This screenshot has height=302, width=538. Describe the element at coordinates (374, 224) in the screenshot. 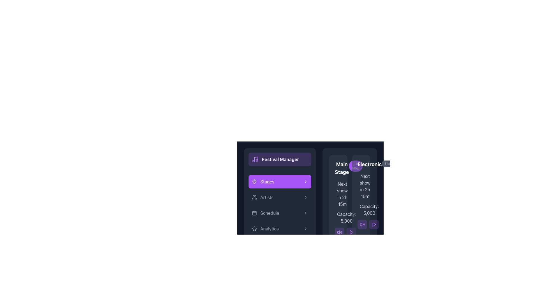

I see `the play button located at the bottom right corner of the 'Electronic' section` at that location.